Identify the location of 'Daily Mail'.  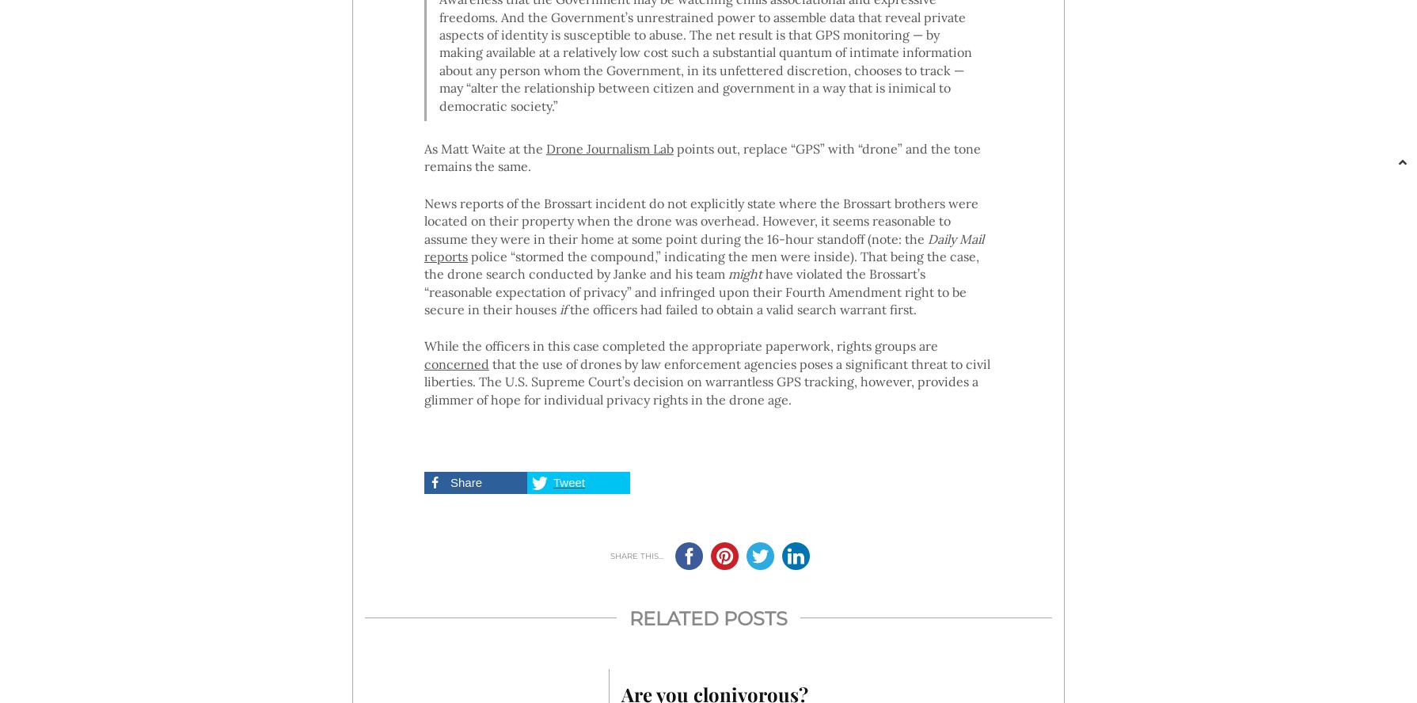
(955, 237).